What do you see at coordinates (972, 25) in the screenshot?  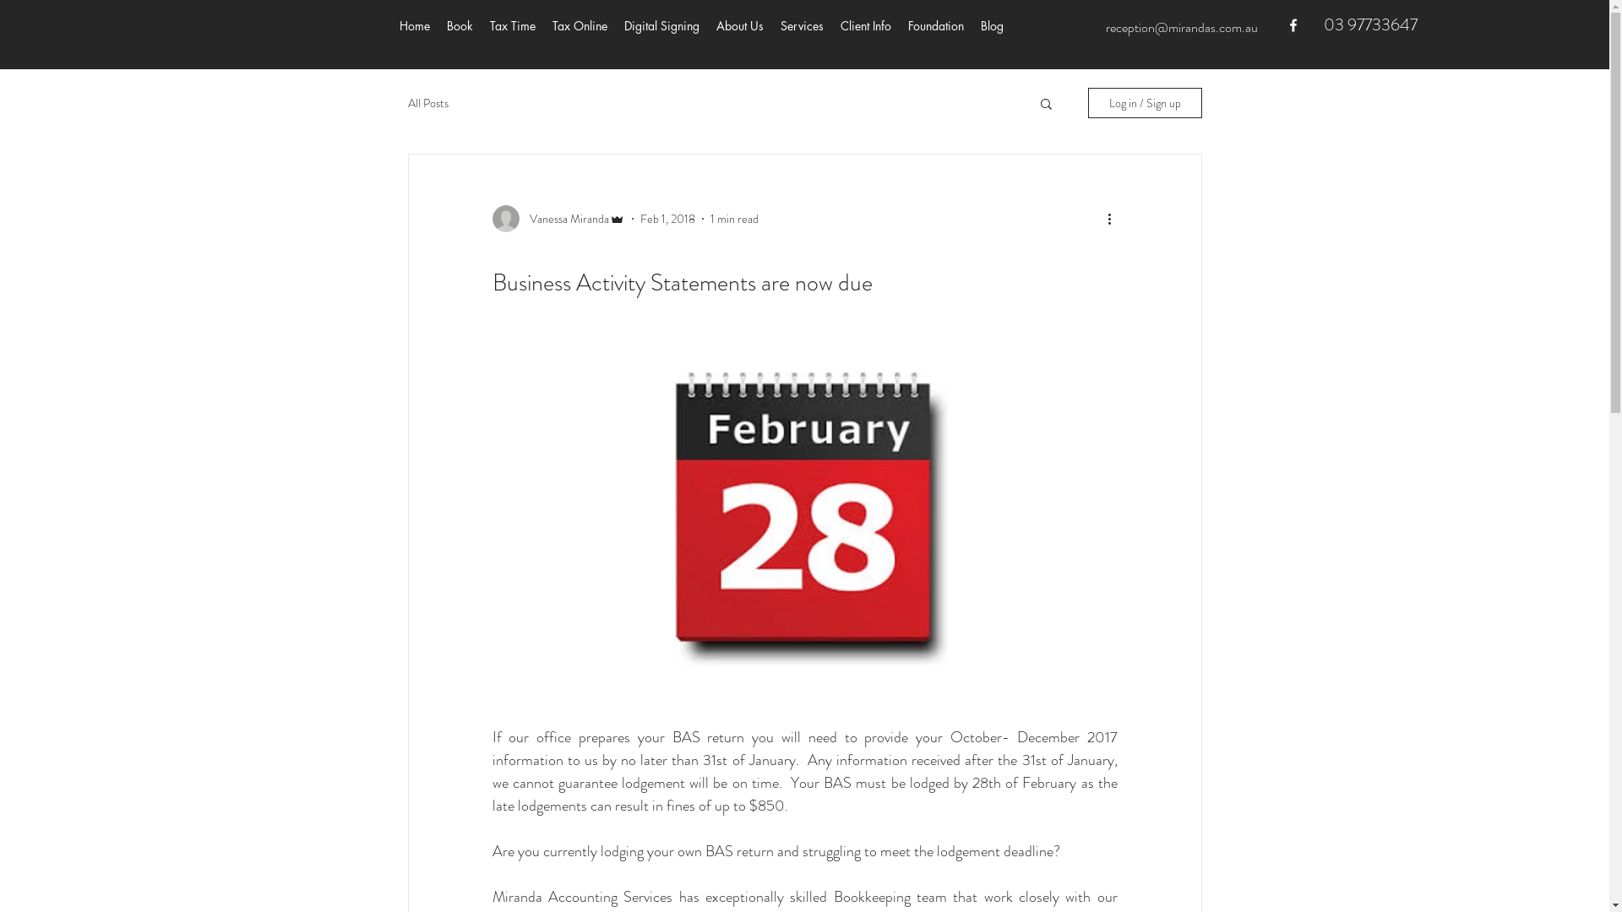 I see `'Blog'` at bounding box center [972, 25].